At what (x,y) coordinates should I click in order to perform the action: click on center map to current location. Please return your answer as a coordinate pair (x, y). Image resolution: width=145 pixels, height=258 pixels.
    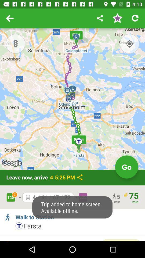
    Looking at the image, I should click on (129, 43).